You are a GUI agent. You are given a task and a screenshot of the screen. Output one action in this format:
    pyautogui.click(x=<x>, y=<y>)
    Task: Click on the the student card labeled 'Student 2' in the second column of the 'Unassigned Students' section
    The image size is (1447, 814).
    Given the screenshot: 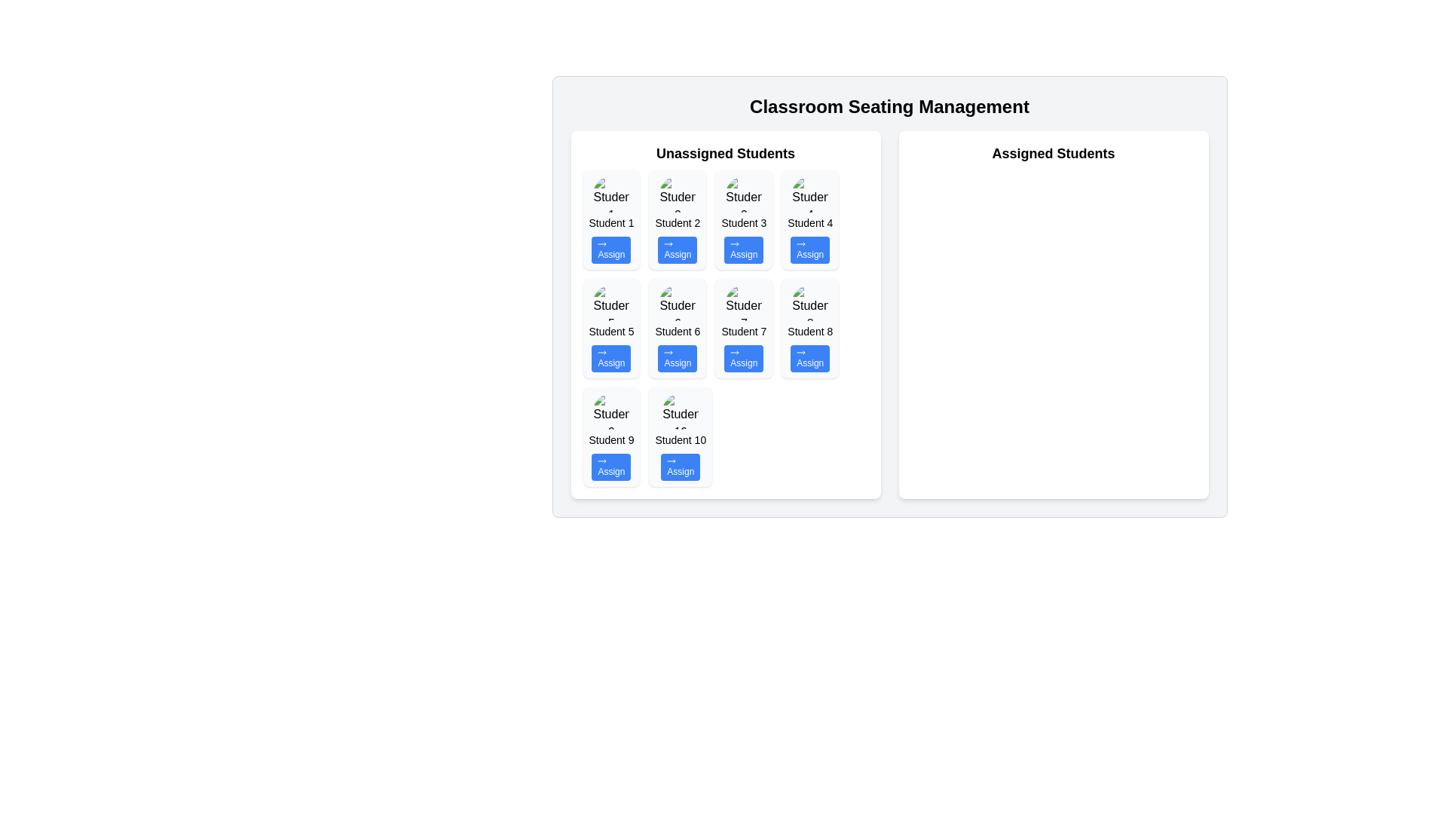 What is the action you would take?
    pyautogui.click(x=677, y=220)
    